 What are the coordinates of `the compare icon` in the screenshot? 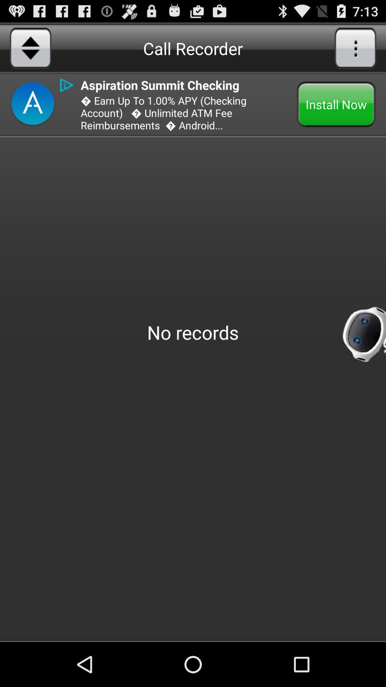 It's located at (30, 51).